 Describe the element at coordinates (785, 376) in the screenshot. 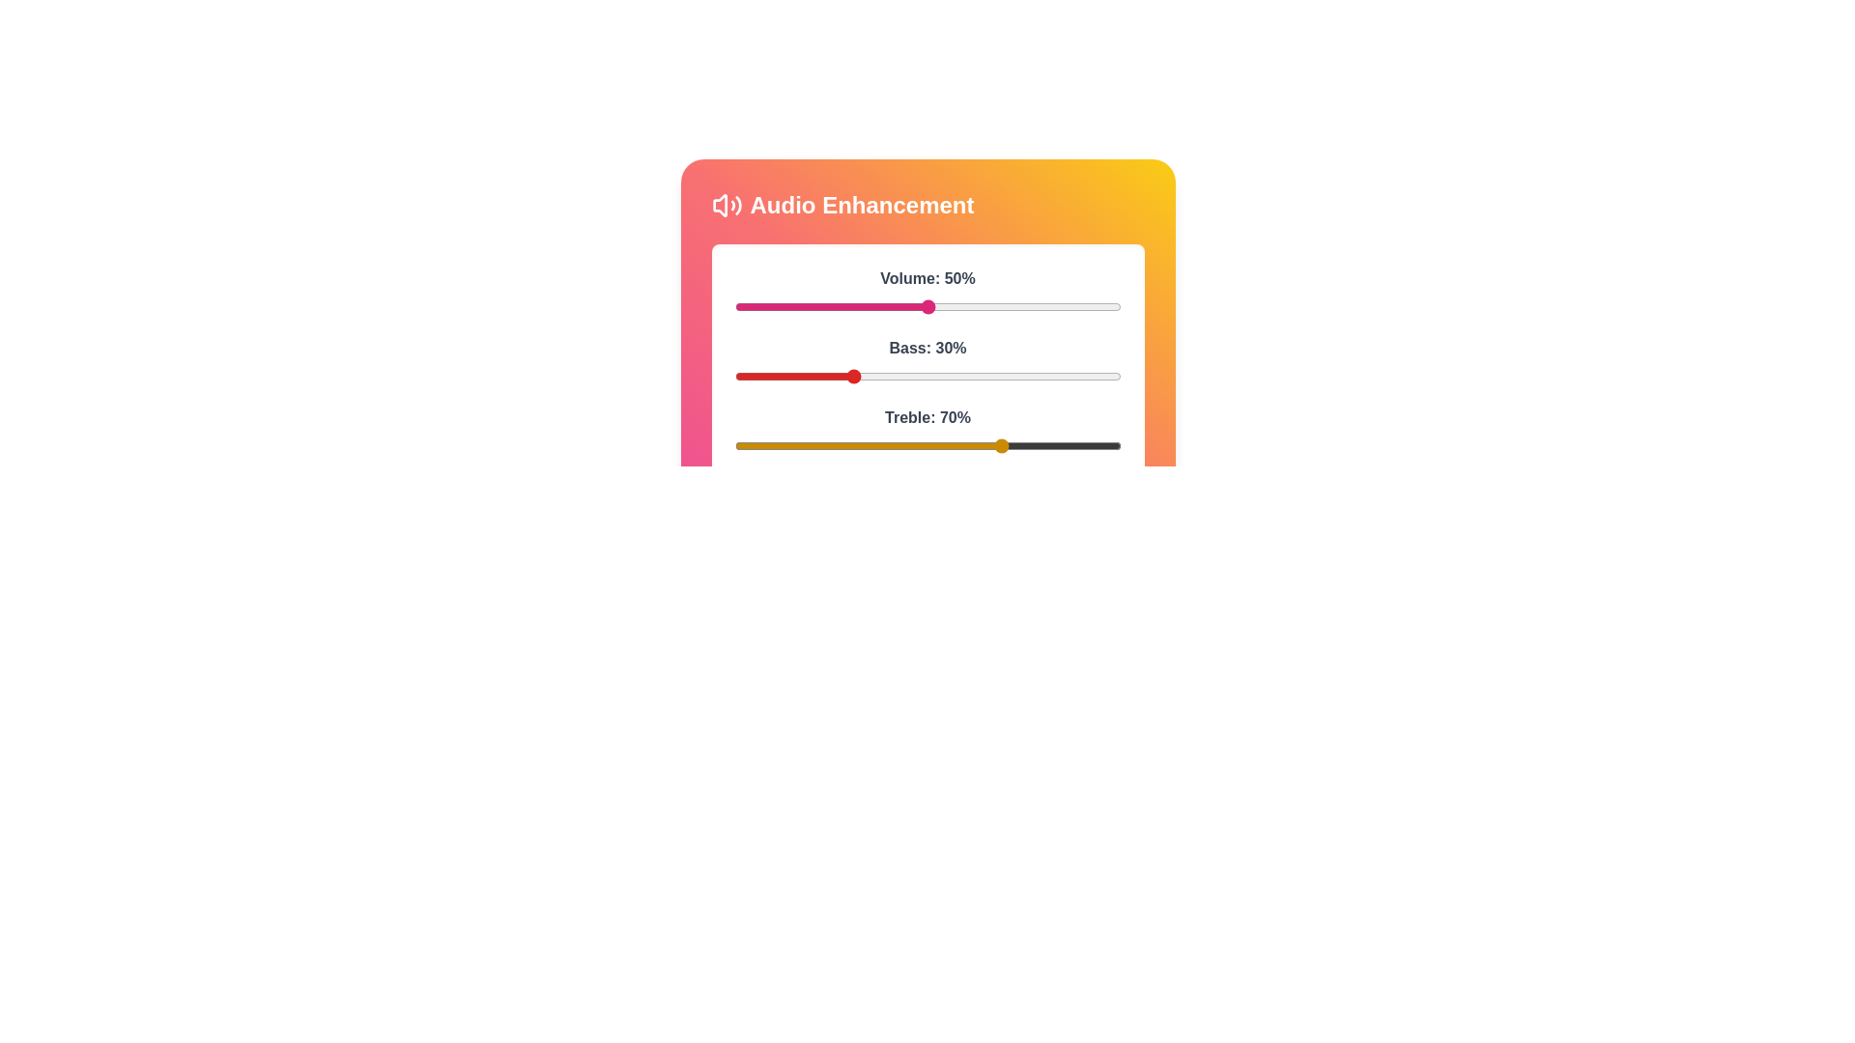

I see `the bass level` at that location.